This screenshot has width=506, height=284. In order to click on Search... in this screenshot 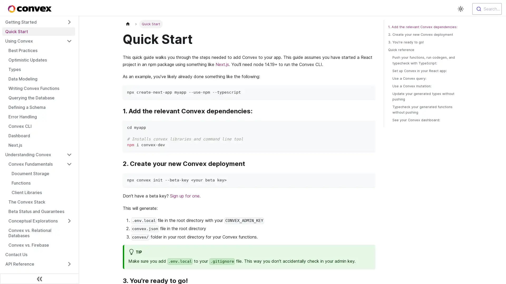, I will do `click(487, 9)`.